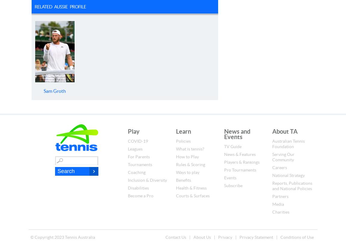 This screenshot has width=346, height=246. I want to click on 'Become a Pro', so click(141, 196).